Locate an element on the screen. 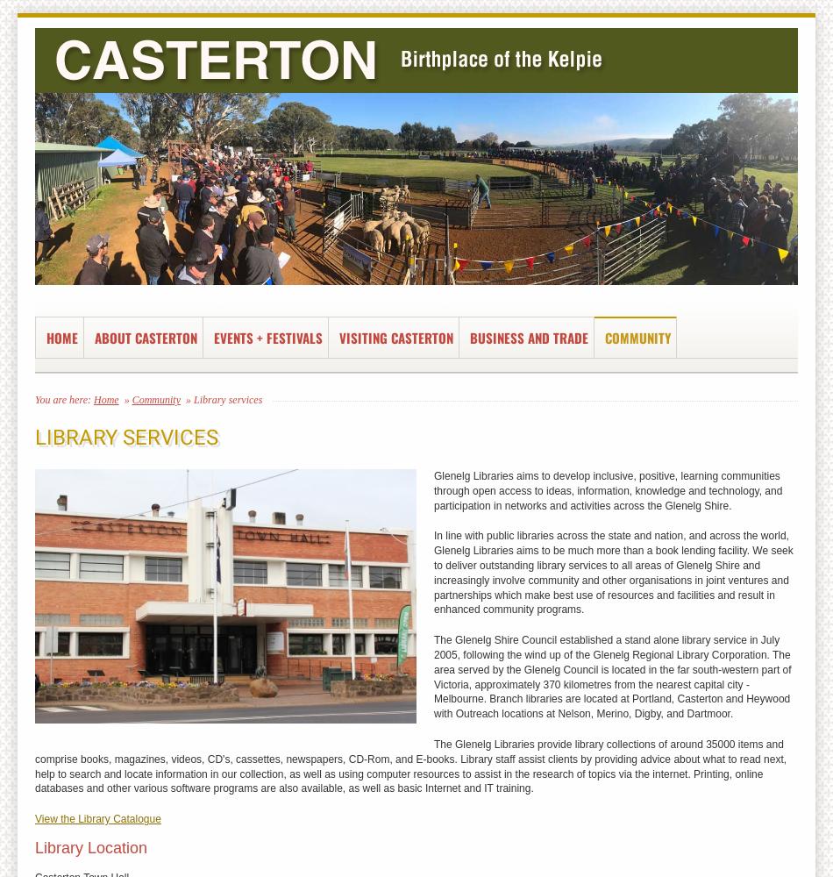  'You are here:' is located at coordinates (34, 399).